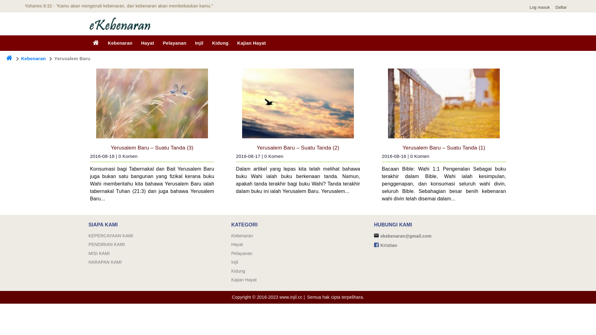 This screenshot has width=596, height=335. I want to click on 'KEPERCAYAAN KAMI', so click(111, 235).